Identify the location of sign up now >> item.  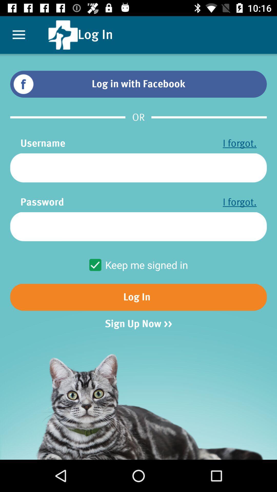
(138, 324).